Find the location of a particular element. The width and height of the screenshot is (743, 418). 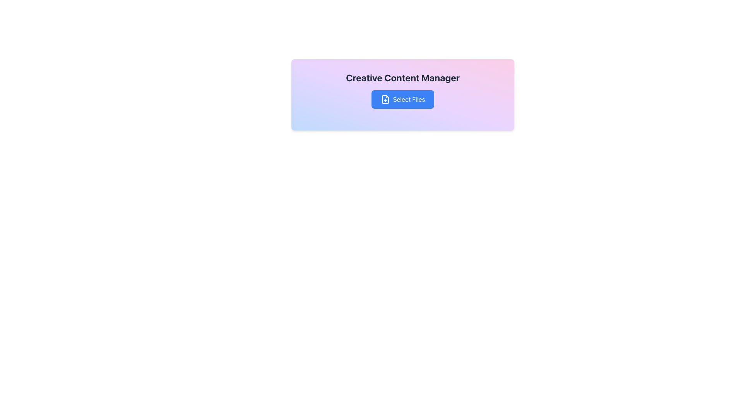

the blue rectangular button with rounded corners labeled 'Select Files' is located at coordinates (402, 99).